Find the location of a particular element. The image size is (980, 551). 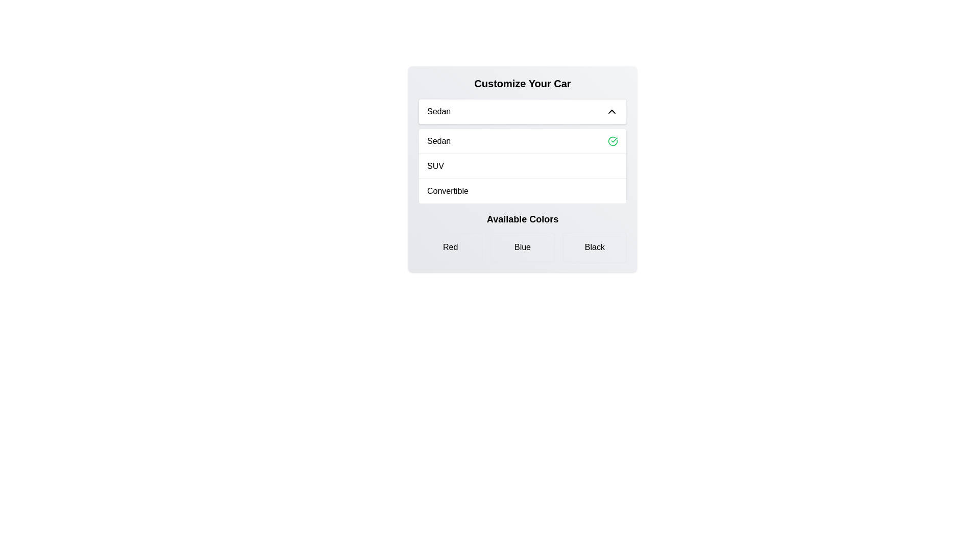

the static text label displaying 'Customize Your Car', which is a bold and larger-than-normal header located at the top of the car customization interface is located at coordinates (522, 83).